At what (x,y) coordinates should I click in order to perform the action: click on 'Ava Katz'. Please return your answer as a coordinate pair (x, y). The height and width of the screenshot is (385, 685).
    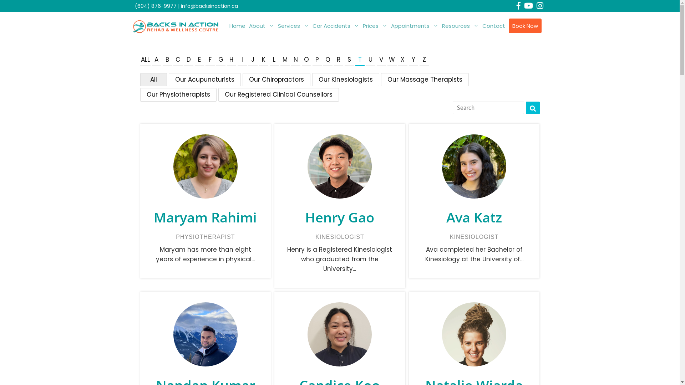
    Looking at the image, I should click on (474, 217).